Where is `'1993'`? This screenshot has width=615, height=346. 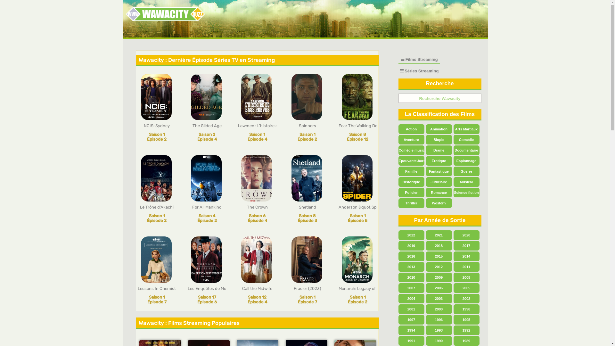 '1993' is located at coordinates (439, 330).